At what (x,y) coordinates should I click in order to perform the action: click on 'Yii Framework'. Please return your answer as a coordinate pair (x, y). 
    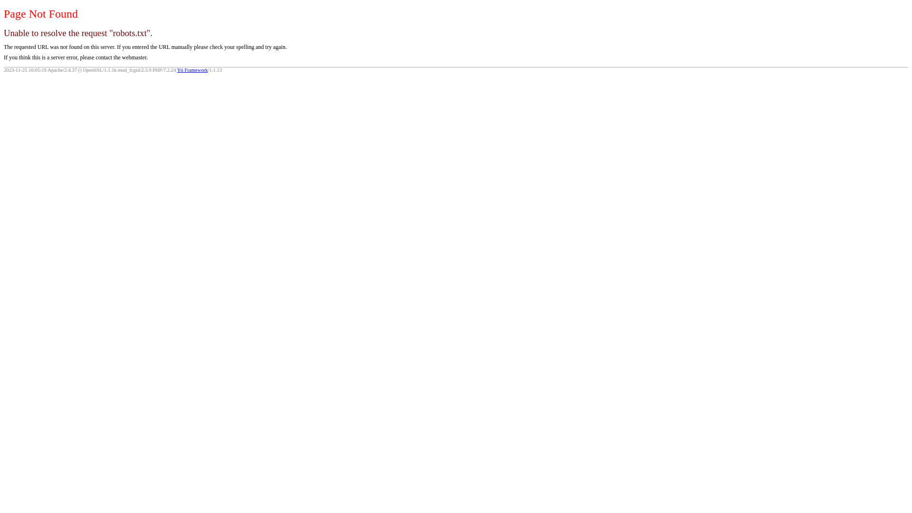
    Looking at the image, I should click on (192, 69).